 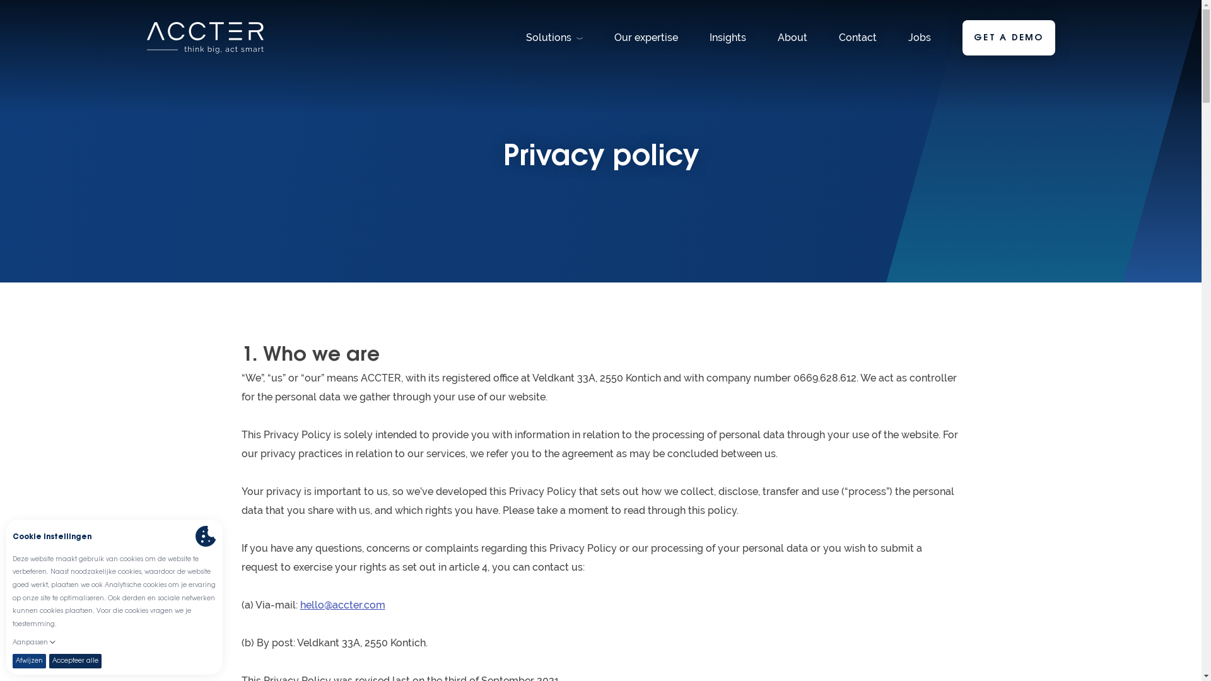 I want to click on 'GET A DEMO', so click(x=1008, y=37).